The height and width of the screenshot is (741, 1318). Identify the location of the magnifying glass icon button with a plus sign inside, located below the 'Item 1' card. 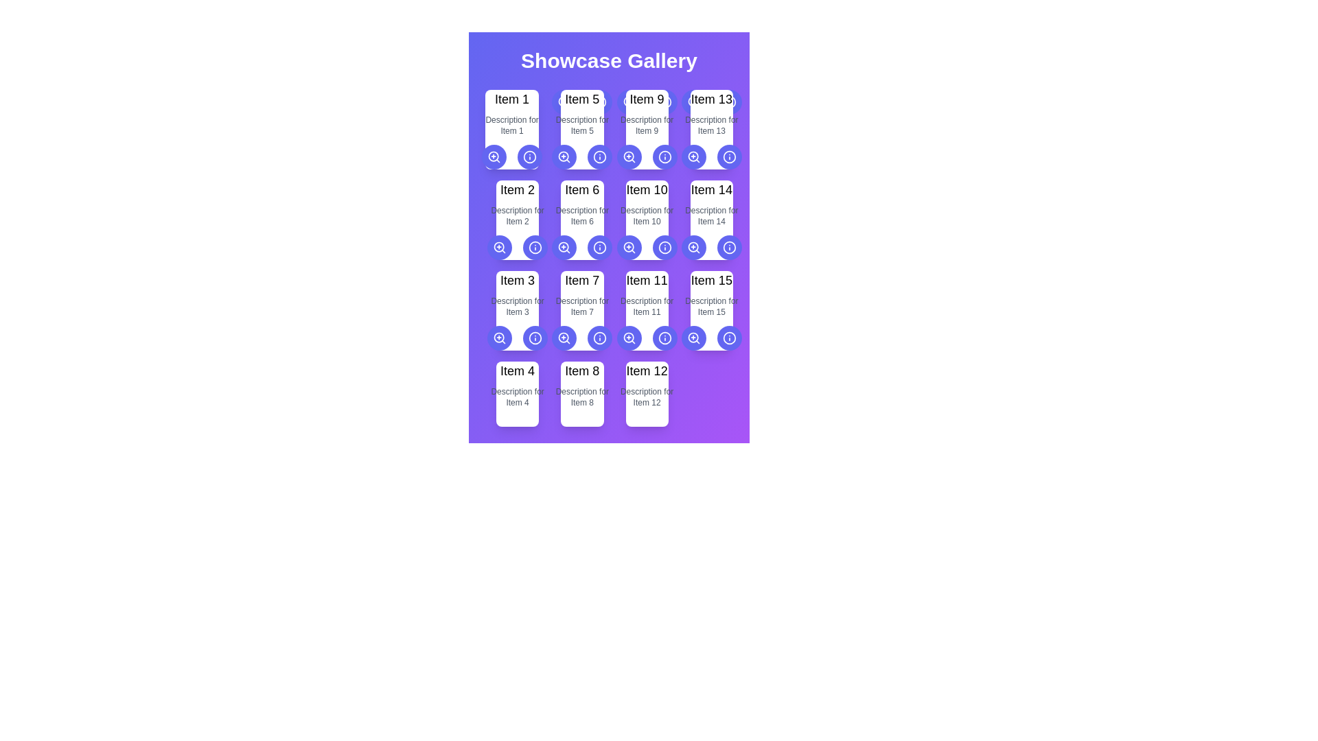
(494, 156).